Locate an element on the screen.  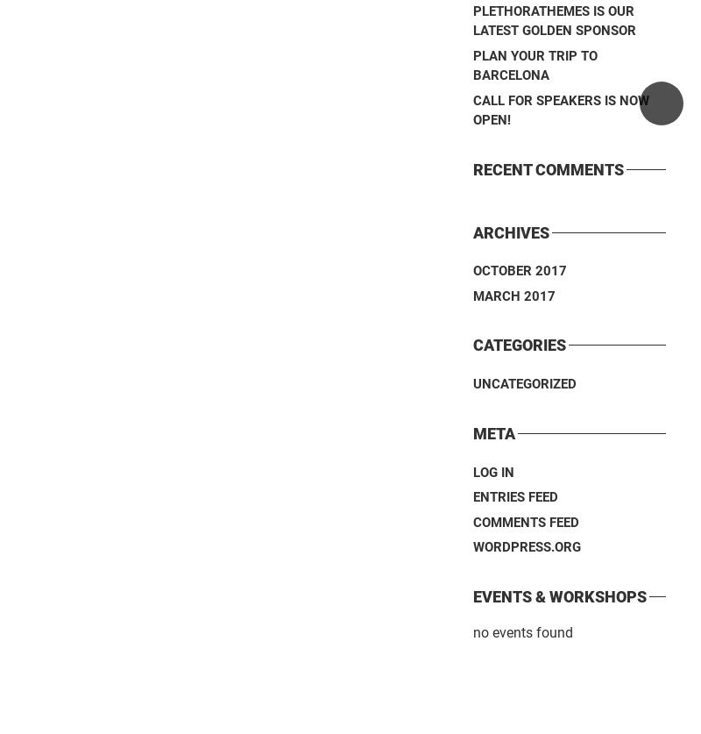
'Recent Comments' is located at coordinates (549, 167).